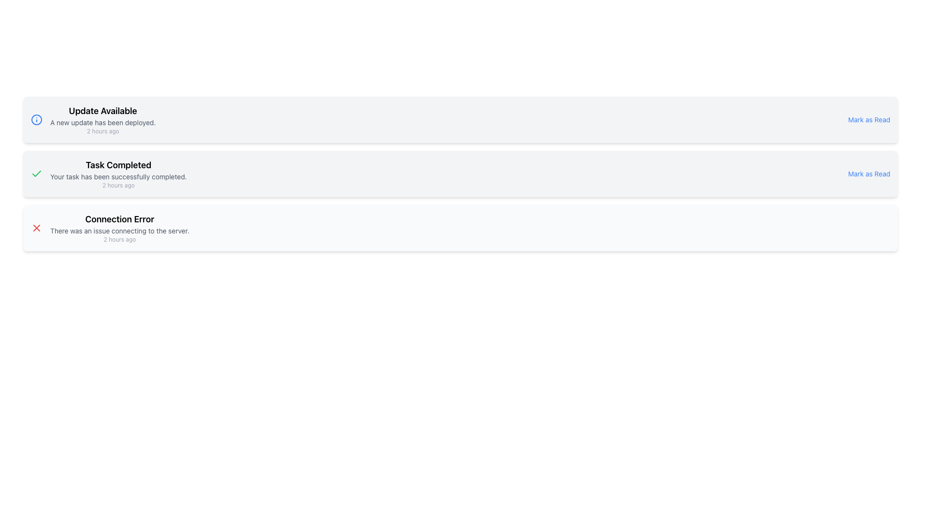 This screenshot has width=928, height=522. Describe the element at coordinates (118, 177) in the screenshot. I see `the static text label displaying the message 'Your task has been successfully completed.' which is located beneath the heading 'Task Completed.'` at that location.